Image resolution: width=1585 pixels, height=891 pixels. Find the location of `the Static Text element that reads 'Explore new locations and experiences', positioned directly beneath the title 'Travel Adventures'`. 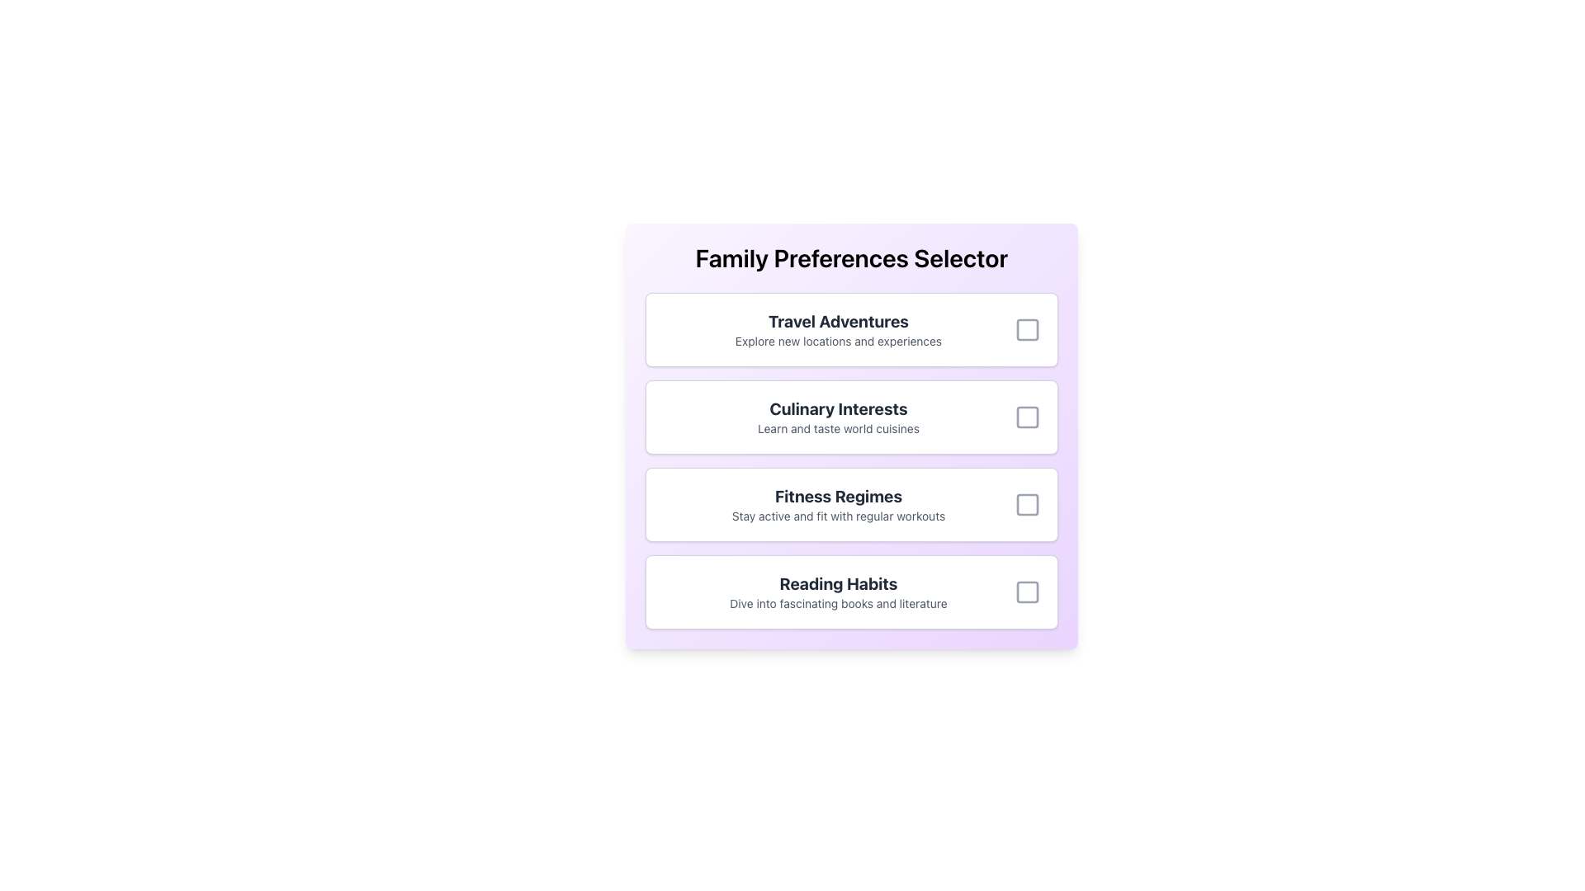

the Static Text element that reads 'Explore new locations and experiences', positioned directly beneath the title 'Travel Adventures' is located at coordinates (839, 340).